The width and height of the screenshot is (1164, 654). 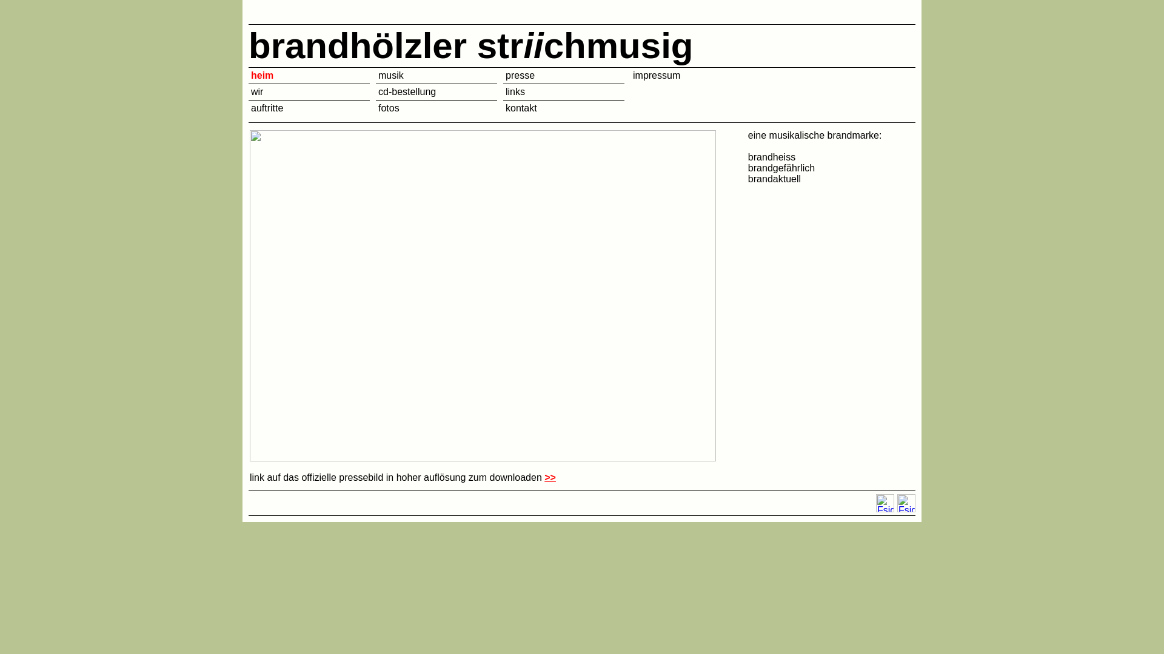 What do you see at coordinates (390, 75) in the screenshot?
I see `'musik'` at bounding box center [390, 75].